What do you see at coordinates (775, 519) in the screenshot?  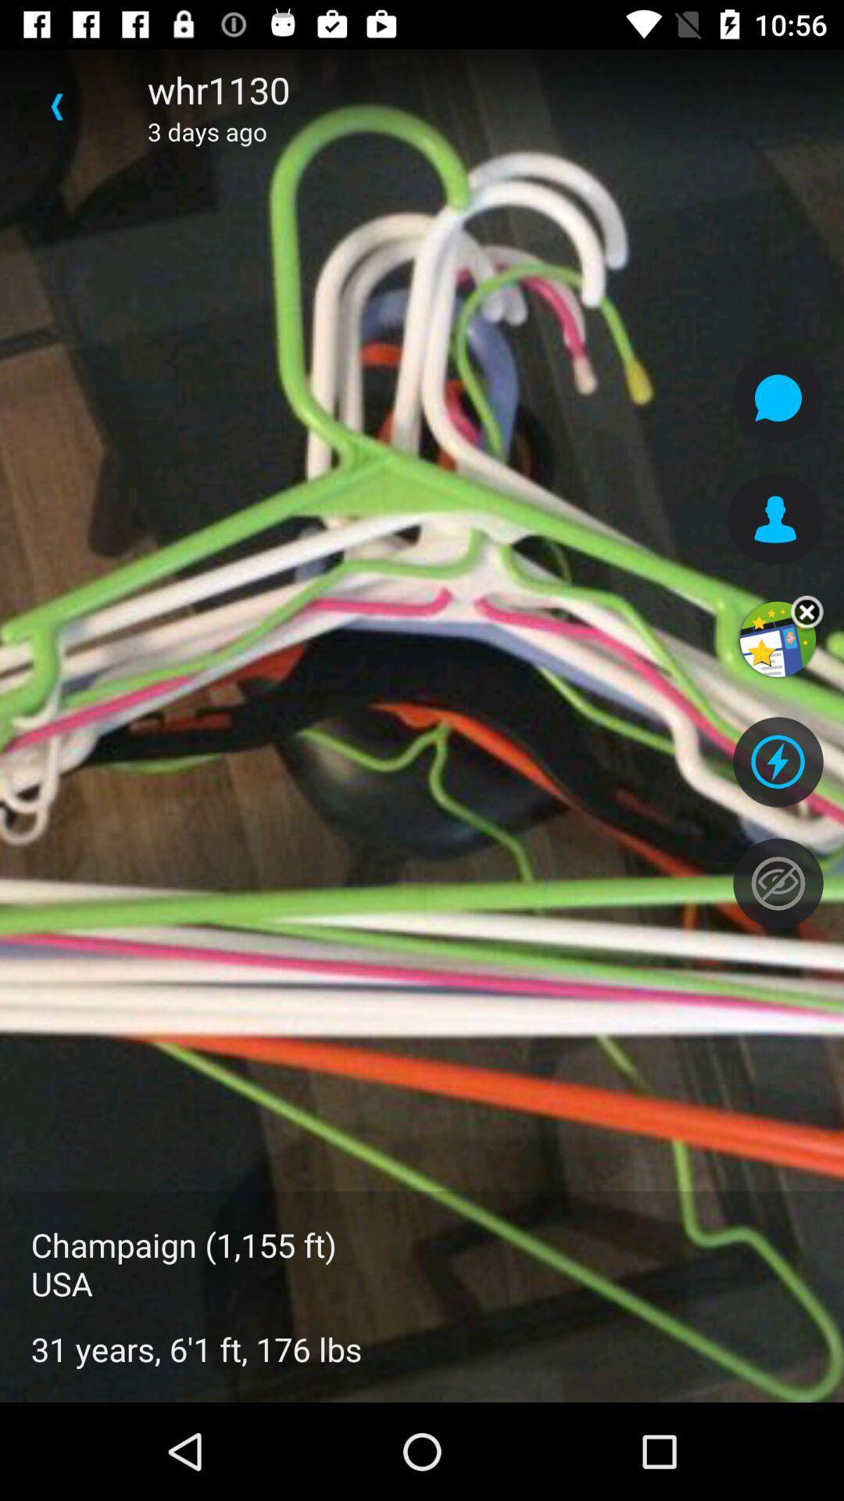 I see `the avatar icon` at bounding box center [775, 519].